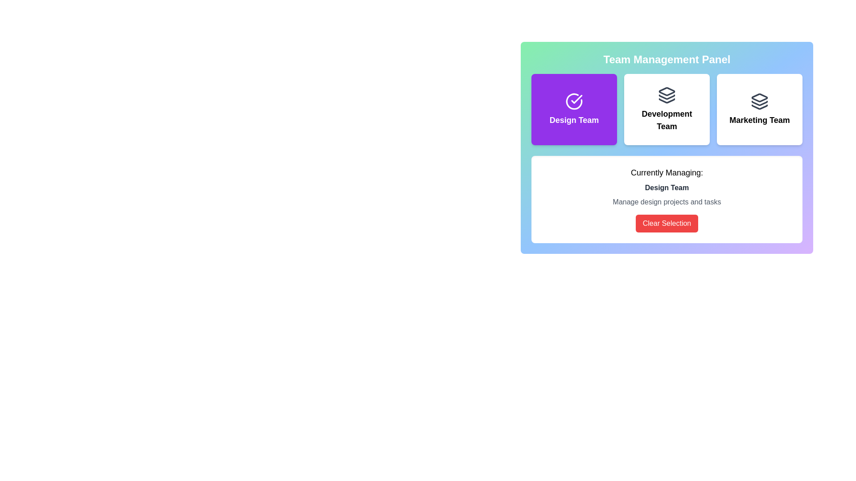 This screenshot has height=481, width=856. I want to click on the text label 'Design Team' which is a bold and prominent text displayed in dark gray against a white background, located below 'Currently Managing:' and above 'Manage design projects and tasks', so click(667, 187).